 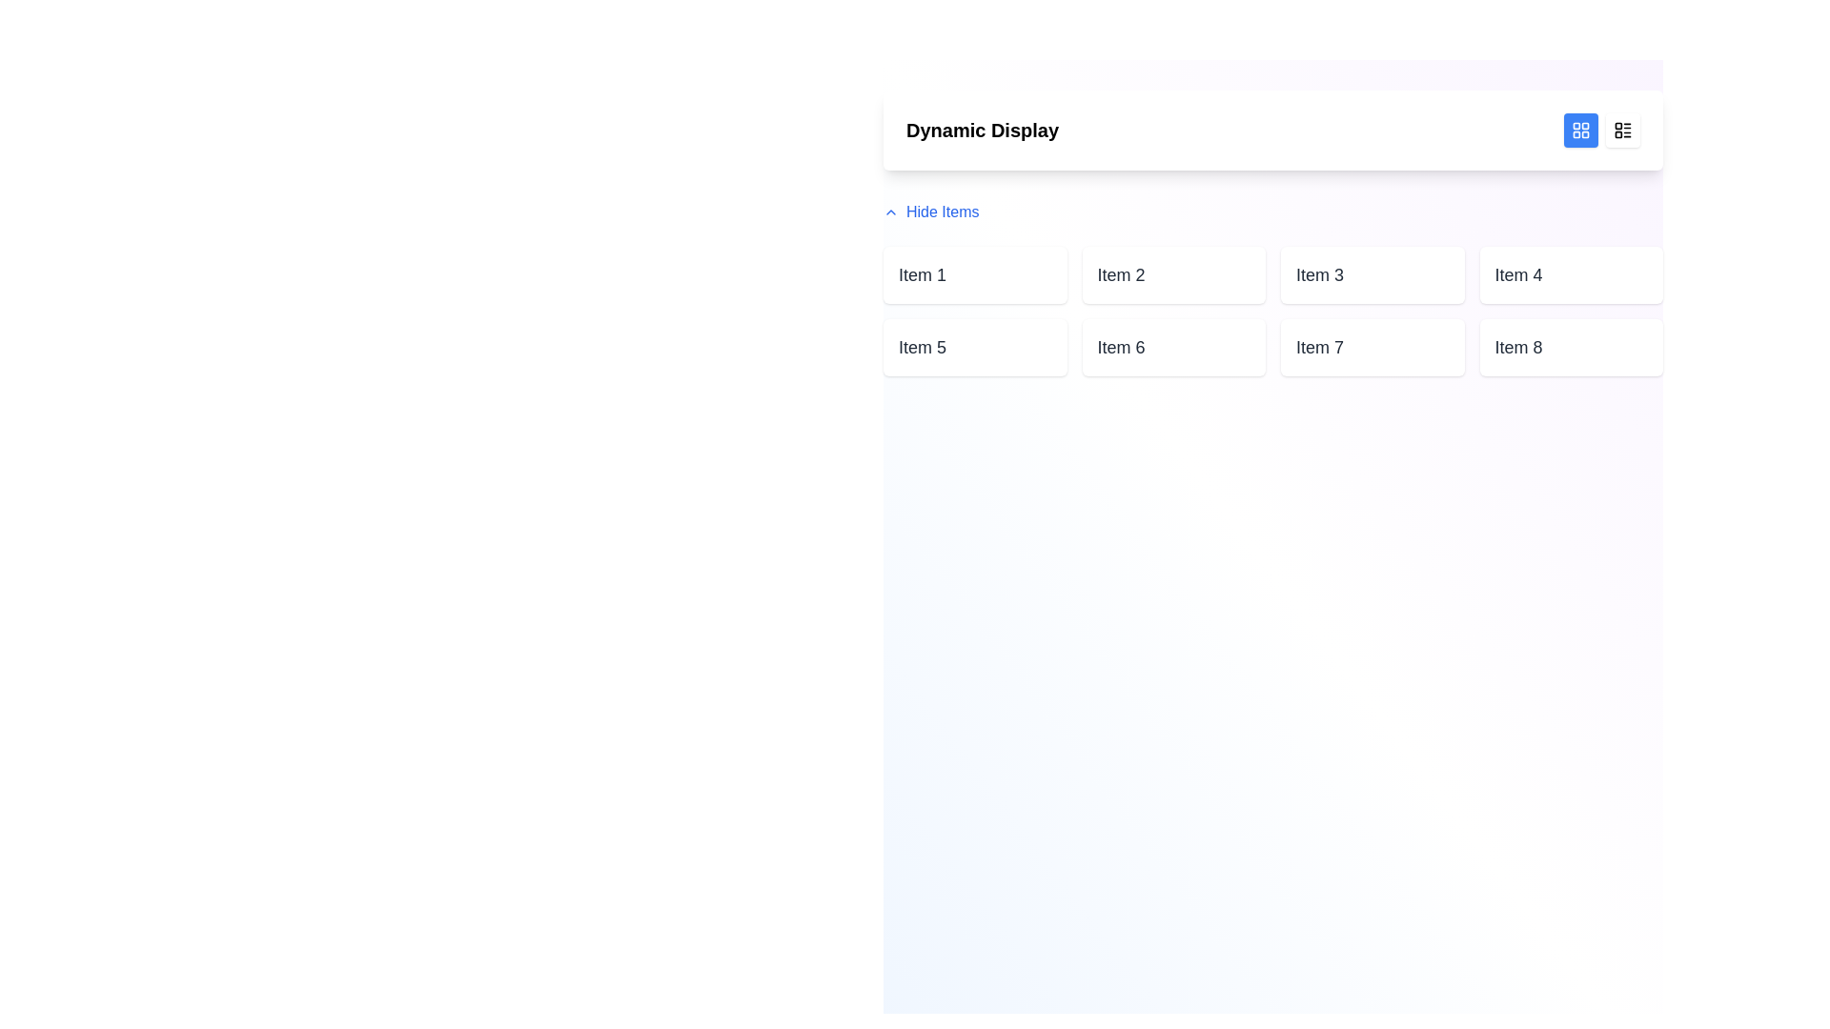 What do you see at coordinates (1571, 348) in the screenshot?
I see `the rectangular button labeled 'Item 8' with a white background and rounded corners, located in the fourth column of the second row of a grid layout` at bounding box center [1571, 348].